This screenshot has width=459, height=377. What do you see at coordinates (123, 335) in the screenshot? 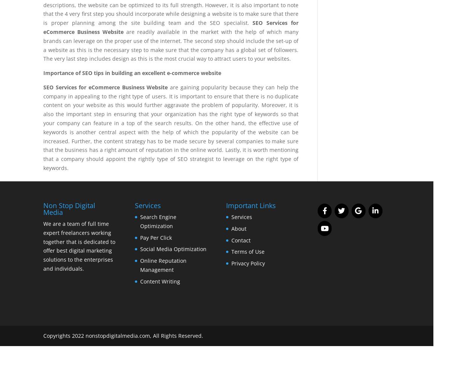
I see `'Copyrights 2022 nonstopdigitalmedia.com, All Rights Reserved.'` at bounding box center [123, 335].